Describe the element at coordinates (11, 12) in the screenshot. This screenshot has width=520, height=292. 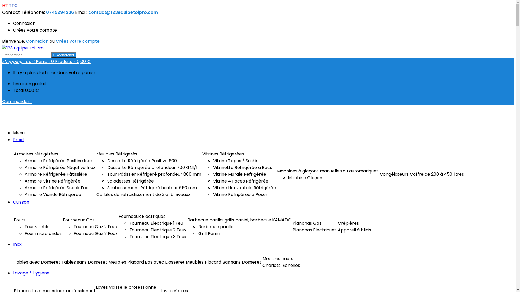
I see `'Contact'` at that location.